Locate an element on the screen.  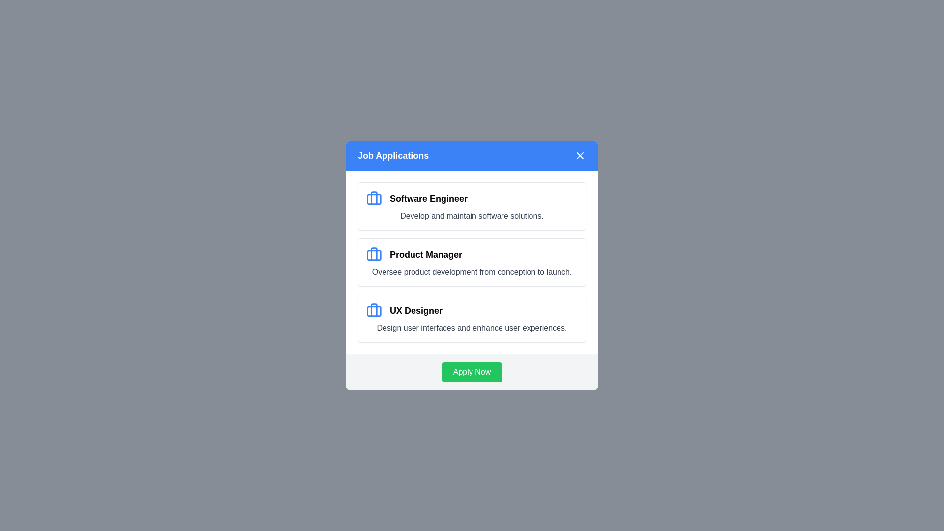
the blue suitcase icon, which is a briefcase symbol located to the left of the text 'UX Designer' in the third row of the 'Job Applications' section is located at coordinates (374, 311).